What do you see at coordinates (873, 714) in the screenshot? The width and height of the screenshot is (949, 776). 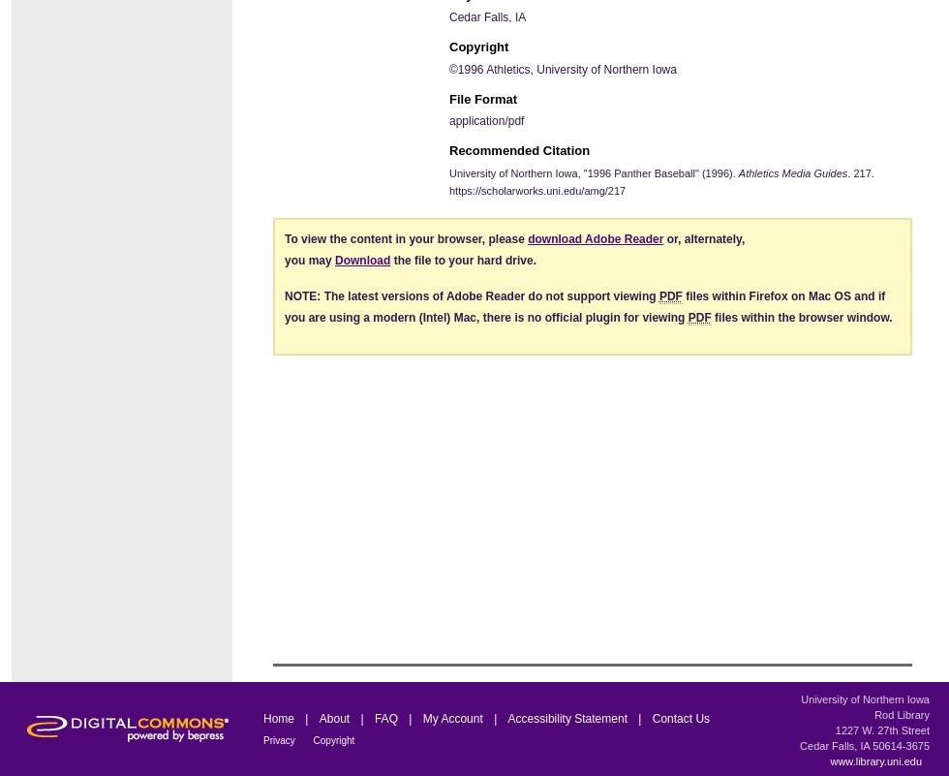 I see `'Rod Library'` at bounding box center [873, 714].